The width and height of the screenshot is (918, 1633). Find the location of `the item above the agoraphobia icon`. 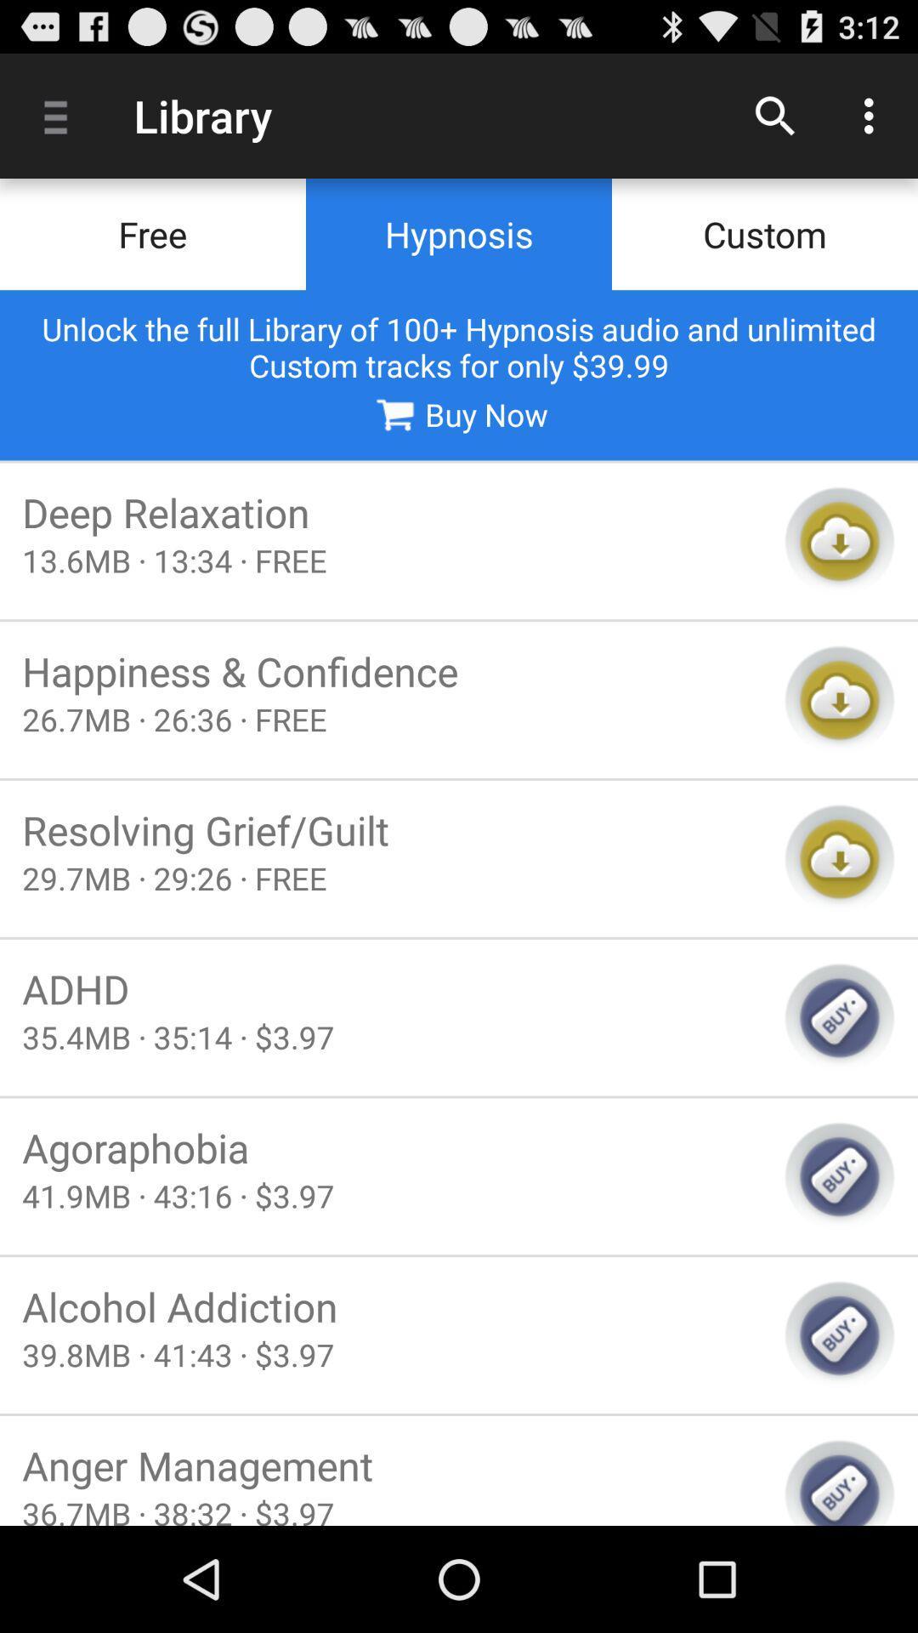

the item above the agoraphobia icon is located at coordinates (392, 1036).